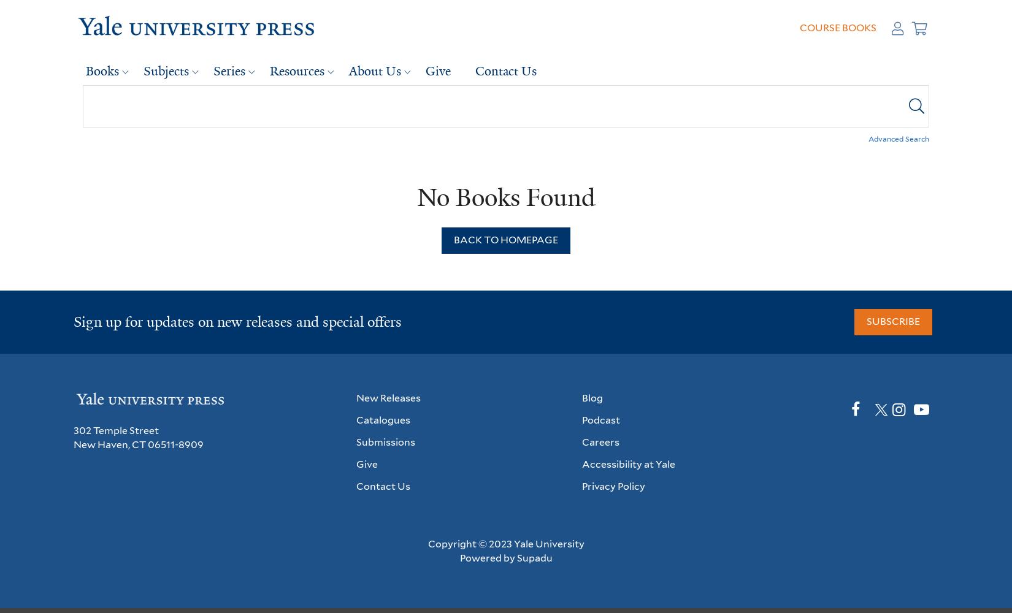 This screenshot has height=613, width=1012. I want to click on 'SUBSCRIBE', so click(892, 321).